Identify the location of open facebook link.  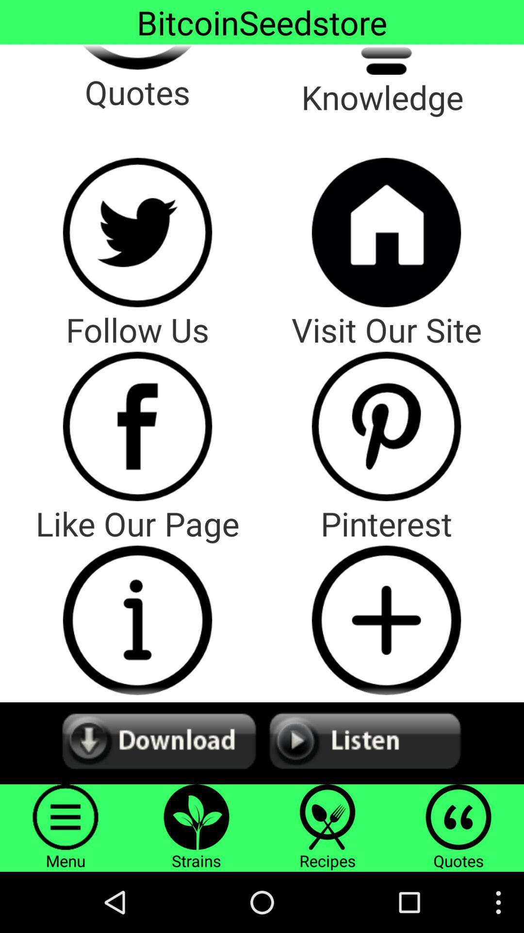
(137, 426).